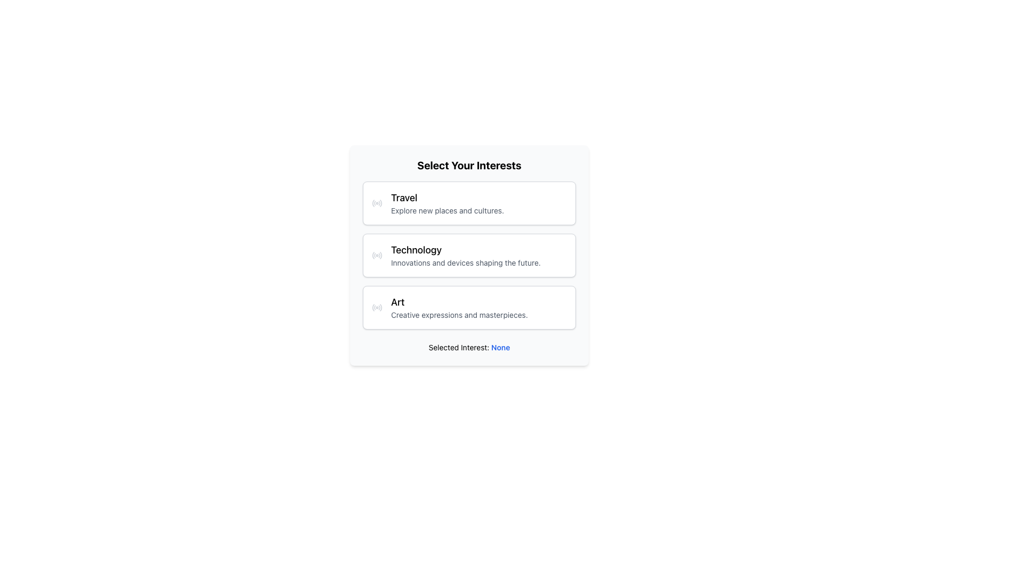  Describe the element at coordinates (466, 262) in the screenshot. I see `the text label displaying 'Innovations and devices shaping the future.' which is located beneath the 'Technology' label` at that location.